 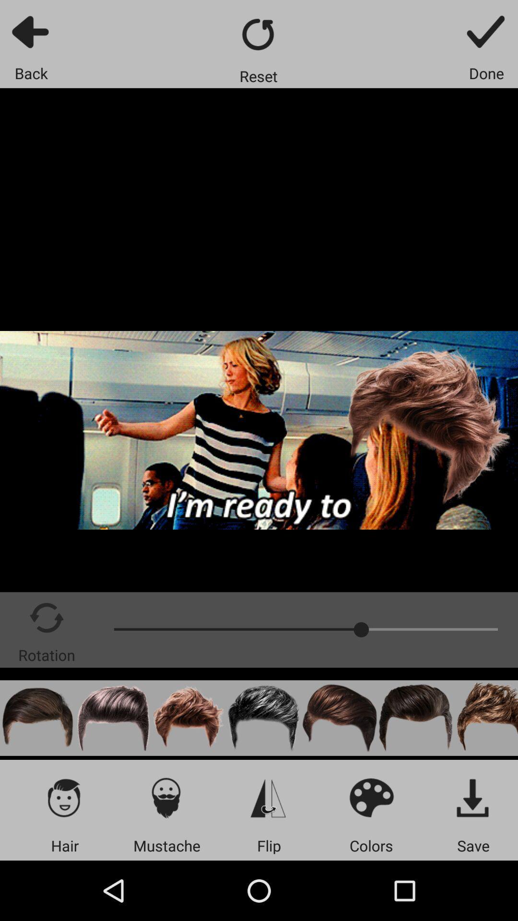 What do you see at coordinates (258, 34) in the screenshot?
I see `reset` at bounding box center [258, 34].